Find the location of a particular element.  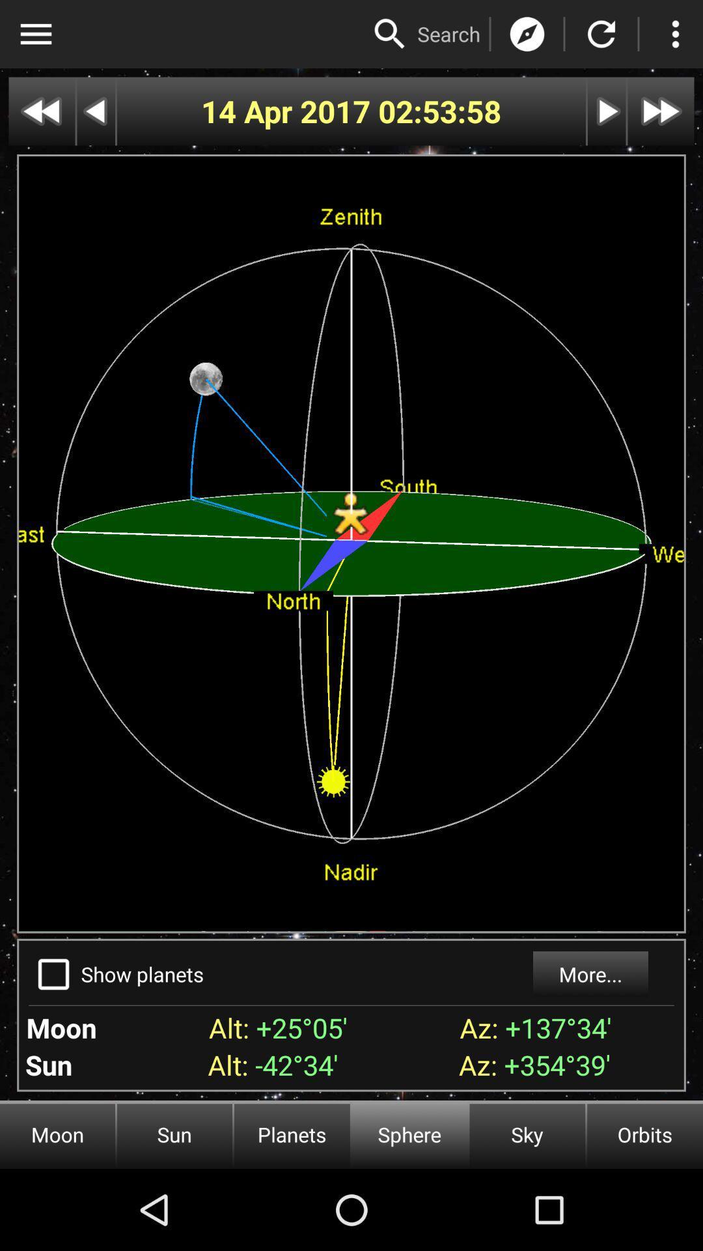

fast forward is located at coordinates (661, 111).